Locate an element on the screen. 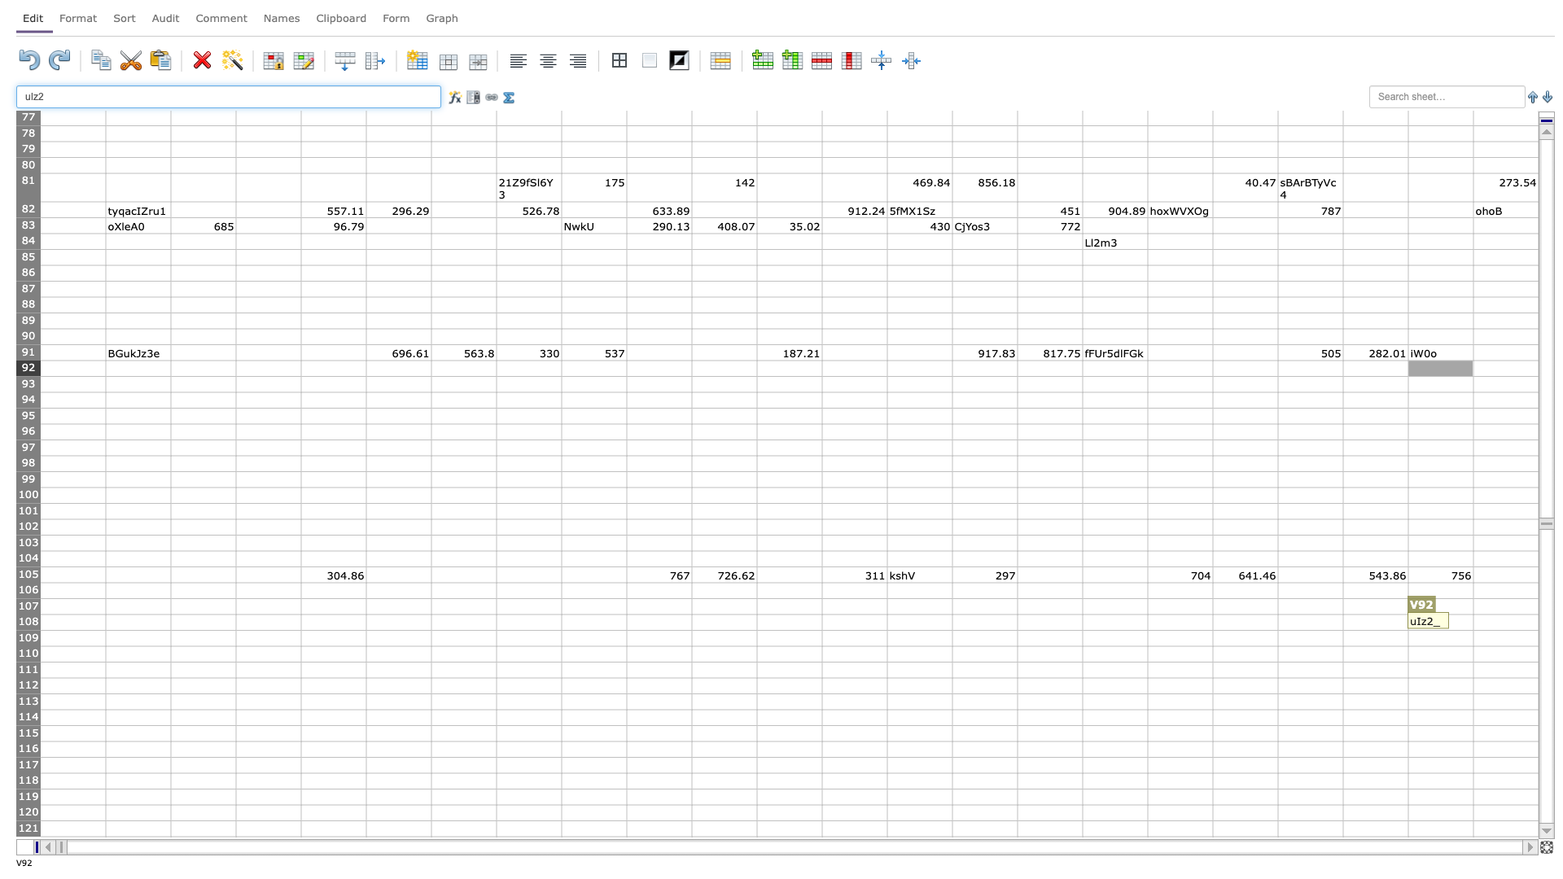  Right border of cell H-108 is located at coordinates (562, 622).